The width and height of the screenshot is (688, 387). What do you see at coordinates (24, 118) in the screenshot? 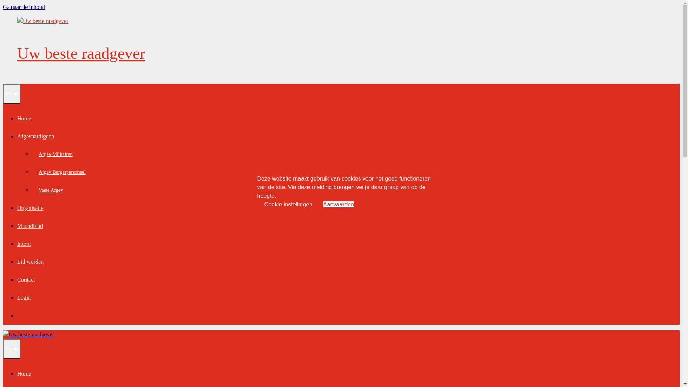
I see `'Home'` at bounding box center [24, 118].